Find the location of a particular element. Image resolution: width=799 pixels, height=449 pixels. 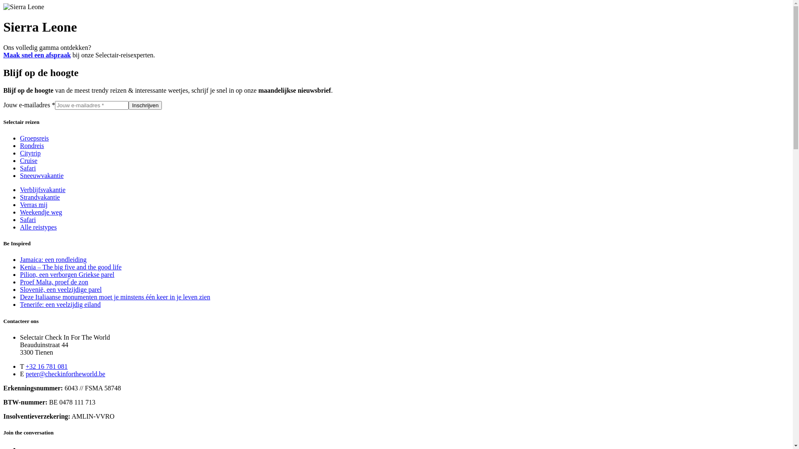

'Cruise' is located at coordinates (28, 160).